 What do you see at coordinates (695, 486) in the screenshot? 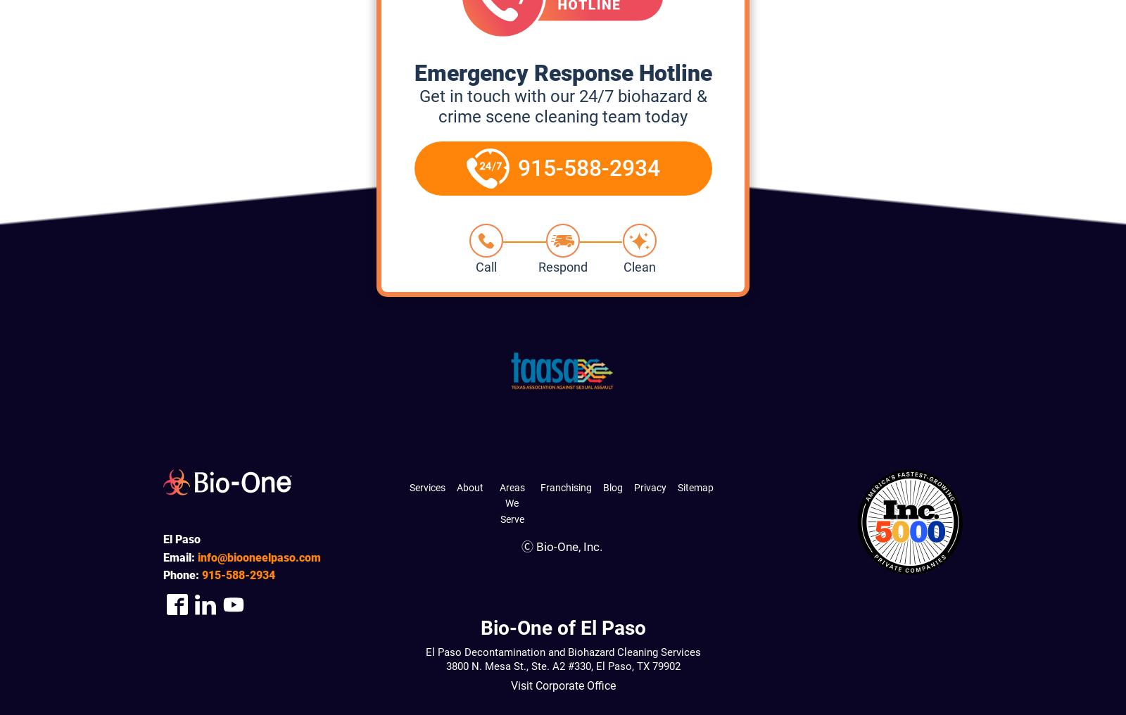
I see `'Sitemap'` at bounding box center [695, 486].